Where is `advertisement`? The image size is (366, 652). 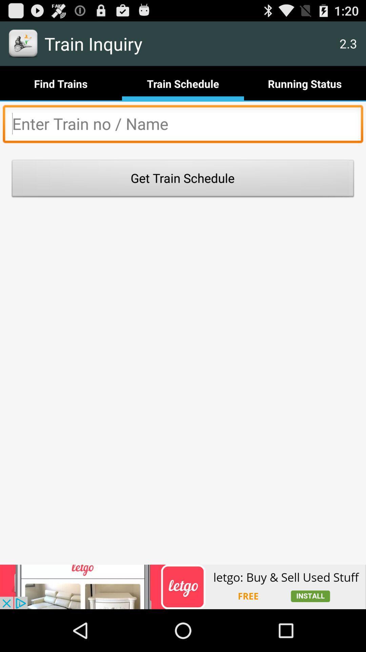 advertisement is located at coordinates (183, 126).